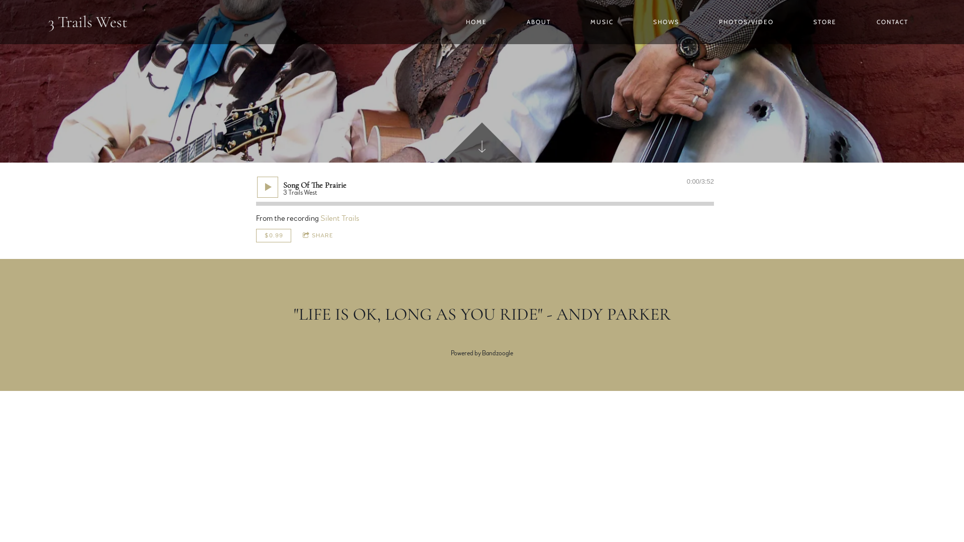 Image resolution: width=964 pixels, height=542 pixels. Describe the element at coordinates (666, 22) in the screenshot. I see `'SHOWS'` at that location.